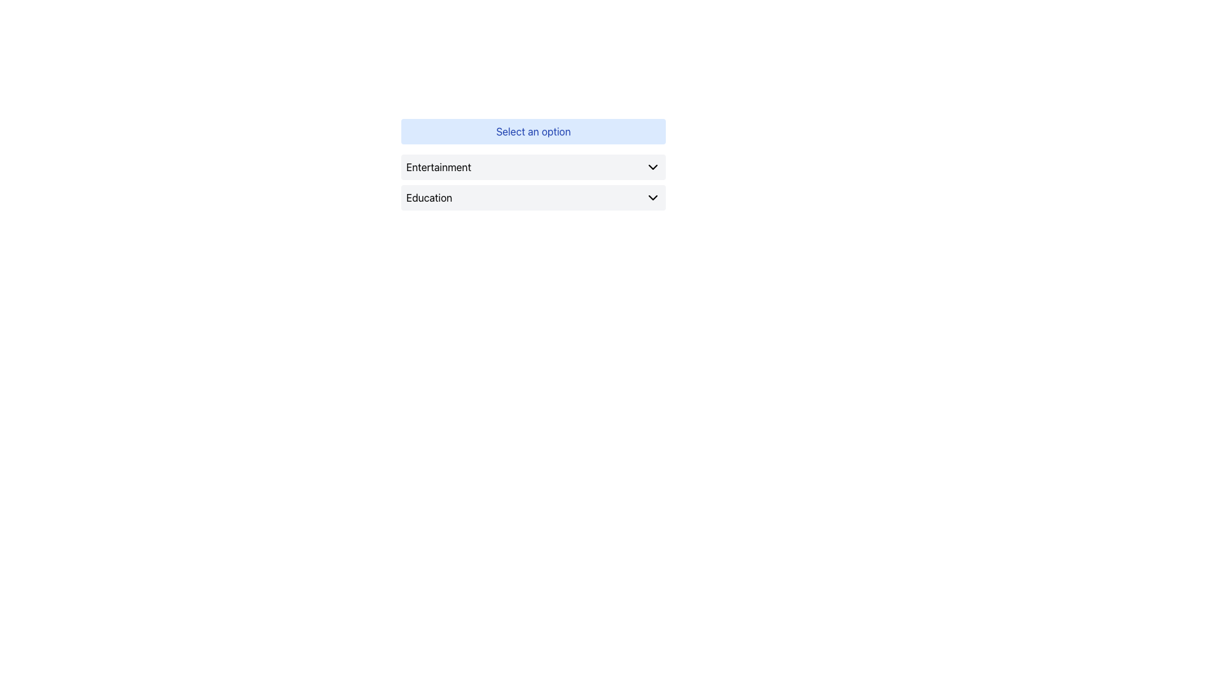 Image resolution: width=1221 pixels, height=687 pixels. I want to click on the text label with a light blue background and the text 'Select an option', positioned above the dropdowns for 'Entertainment' and 'Education', so click(534, 132).